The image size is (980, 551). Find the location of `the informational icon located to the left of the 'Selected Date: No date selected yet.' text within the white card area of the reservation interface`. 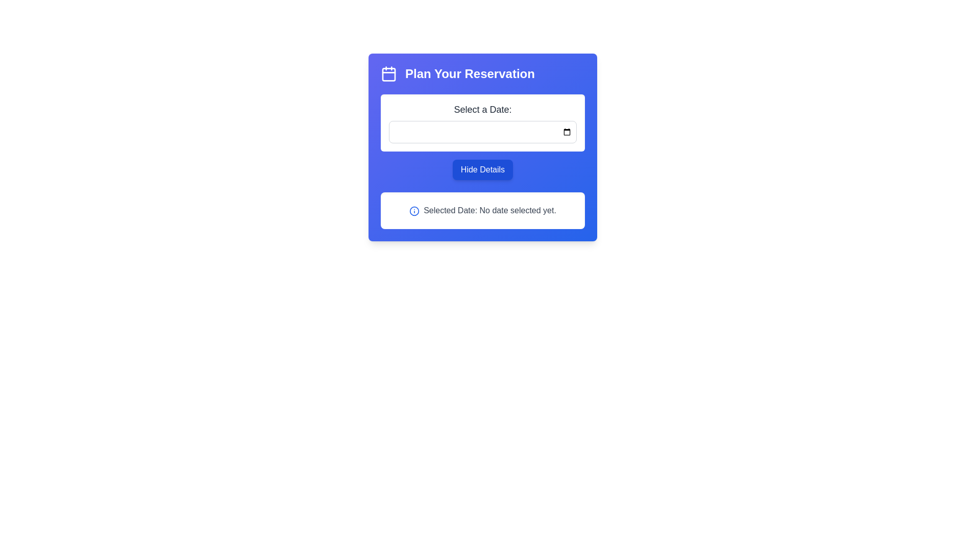

the informational icon located to the left of the 'Selected Date: No date selected yet.' text within the white card area of the reservation interface is located at coordinates (414, 210).